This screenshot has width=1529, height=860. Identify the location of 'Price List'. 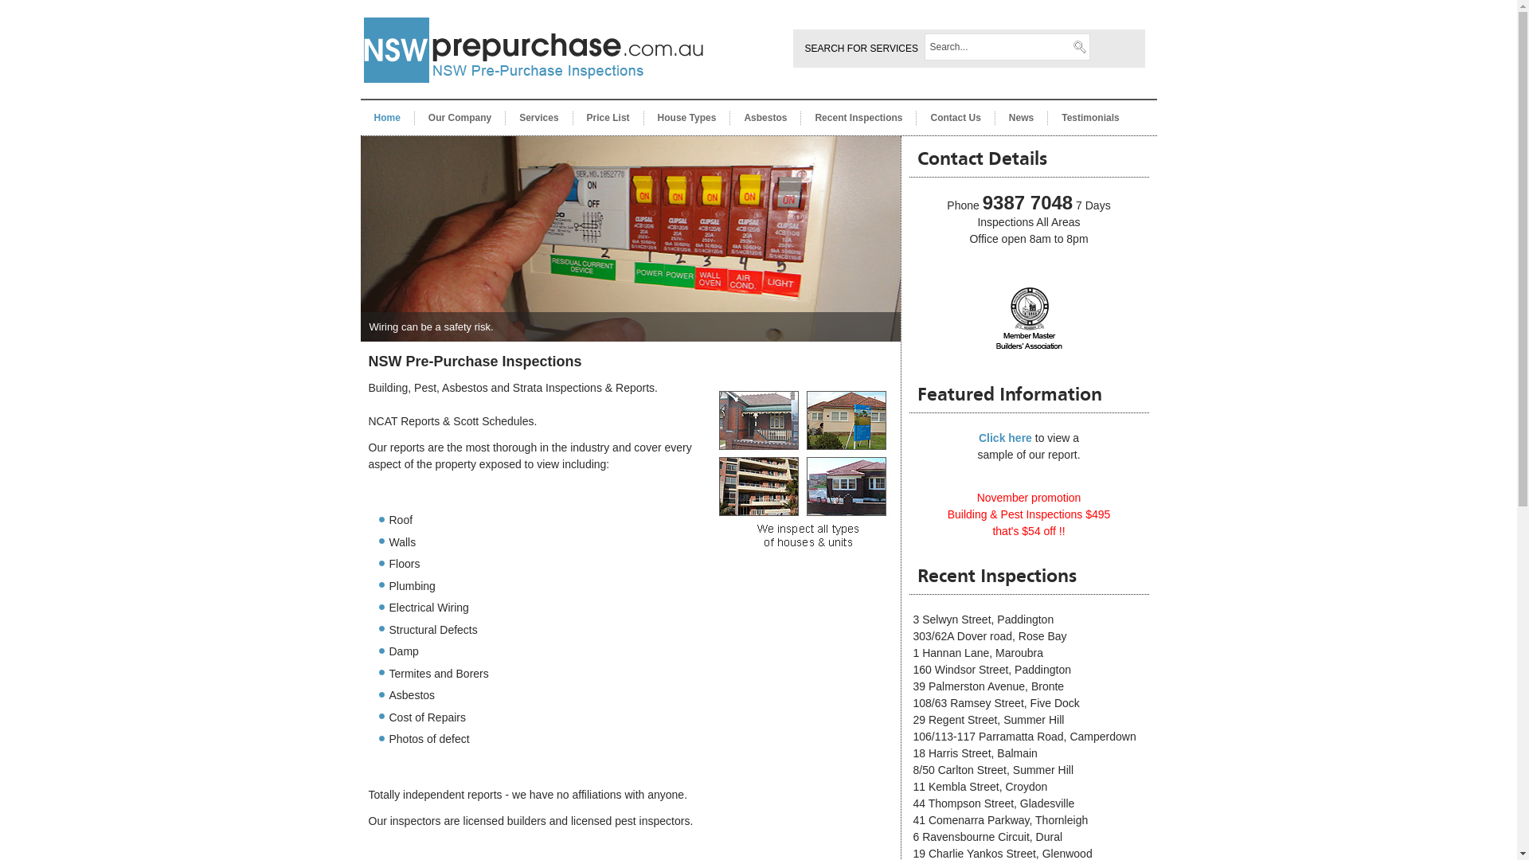
(607, 116).